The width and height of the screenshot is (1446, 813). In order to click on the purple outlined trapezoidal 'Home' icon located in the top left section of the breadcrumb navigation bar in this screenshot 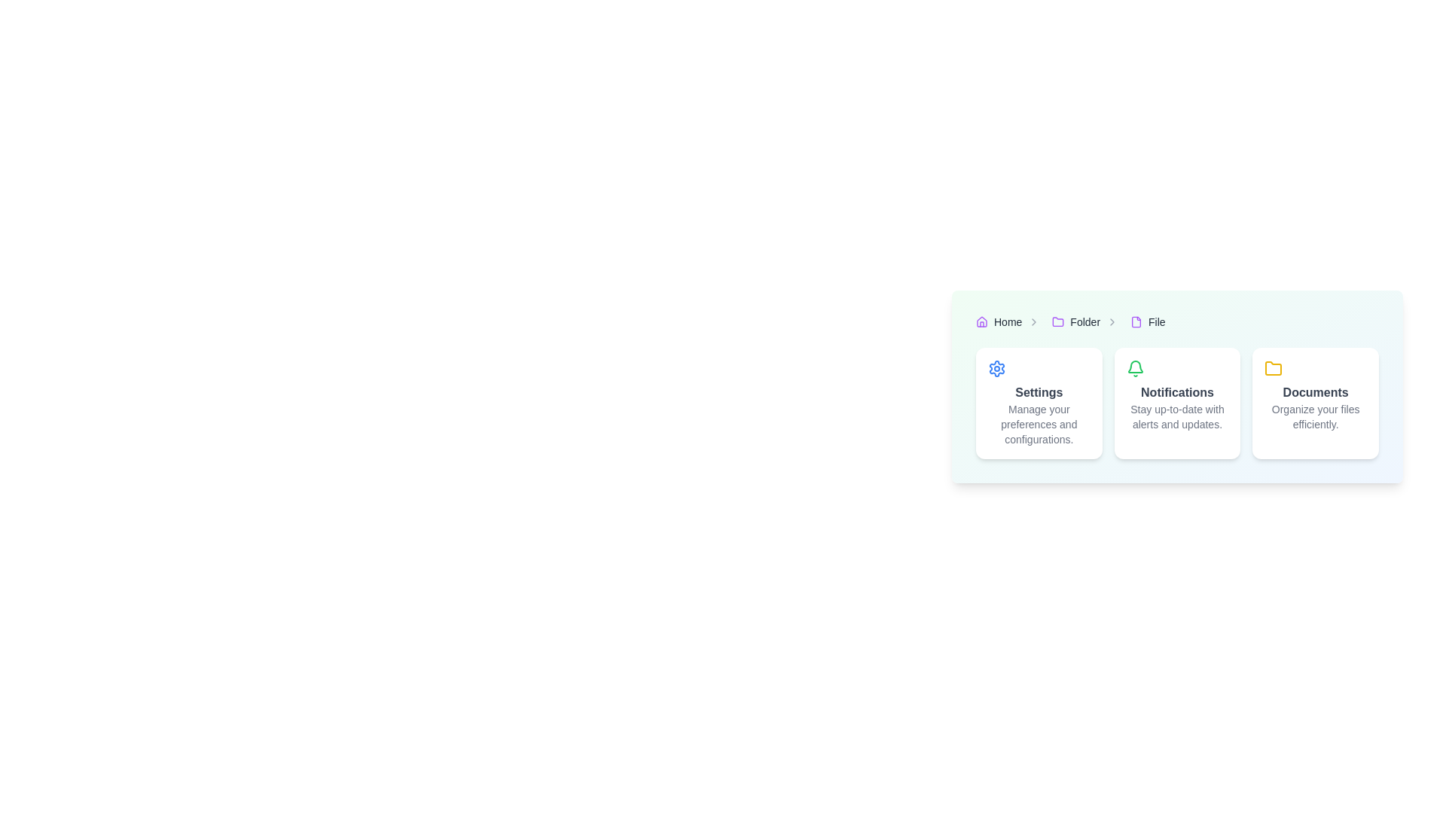, I will do `click(982, 321)`.